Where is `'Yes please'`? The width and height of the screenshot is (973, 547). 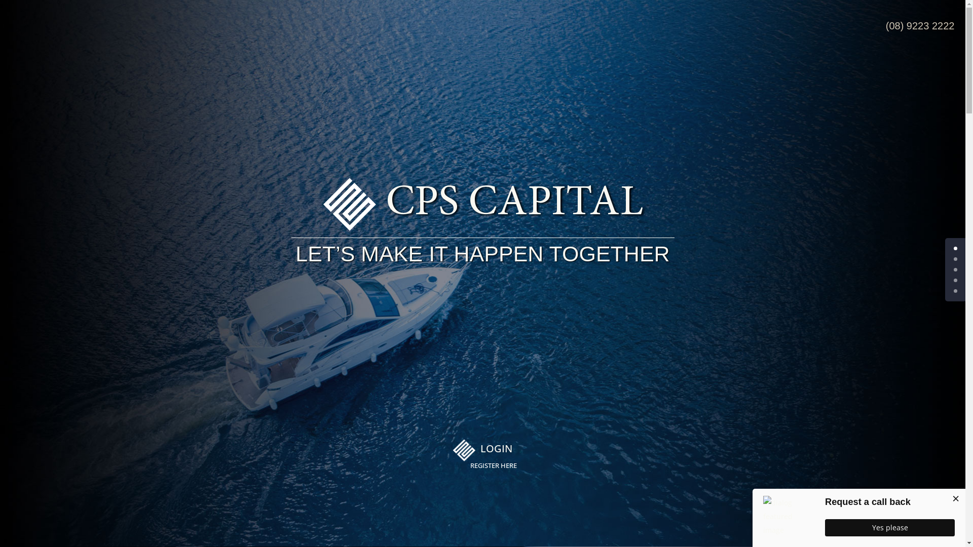 'Yes please' is located at coordinates (889, 527).